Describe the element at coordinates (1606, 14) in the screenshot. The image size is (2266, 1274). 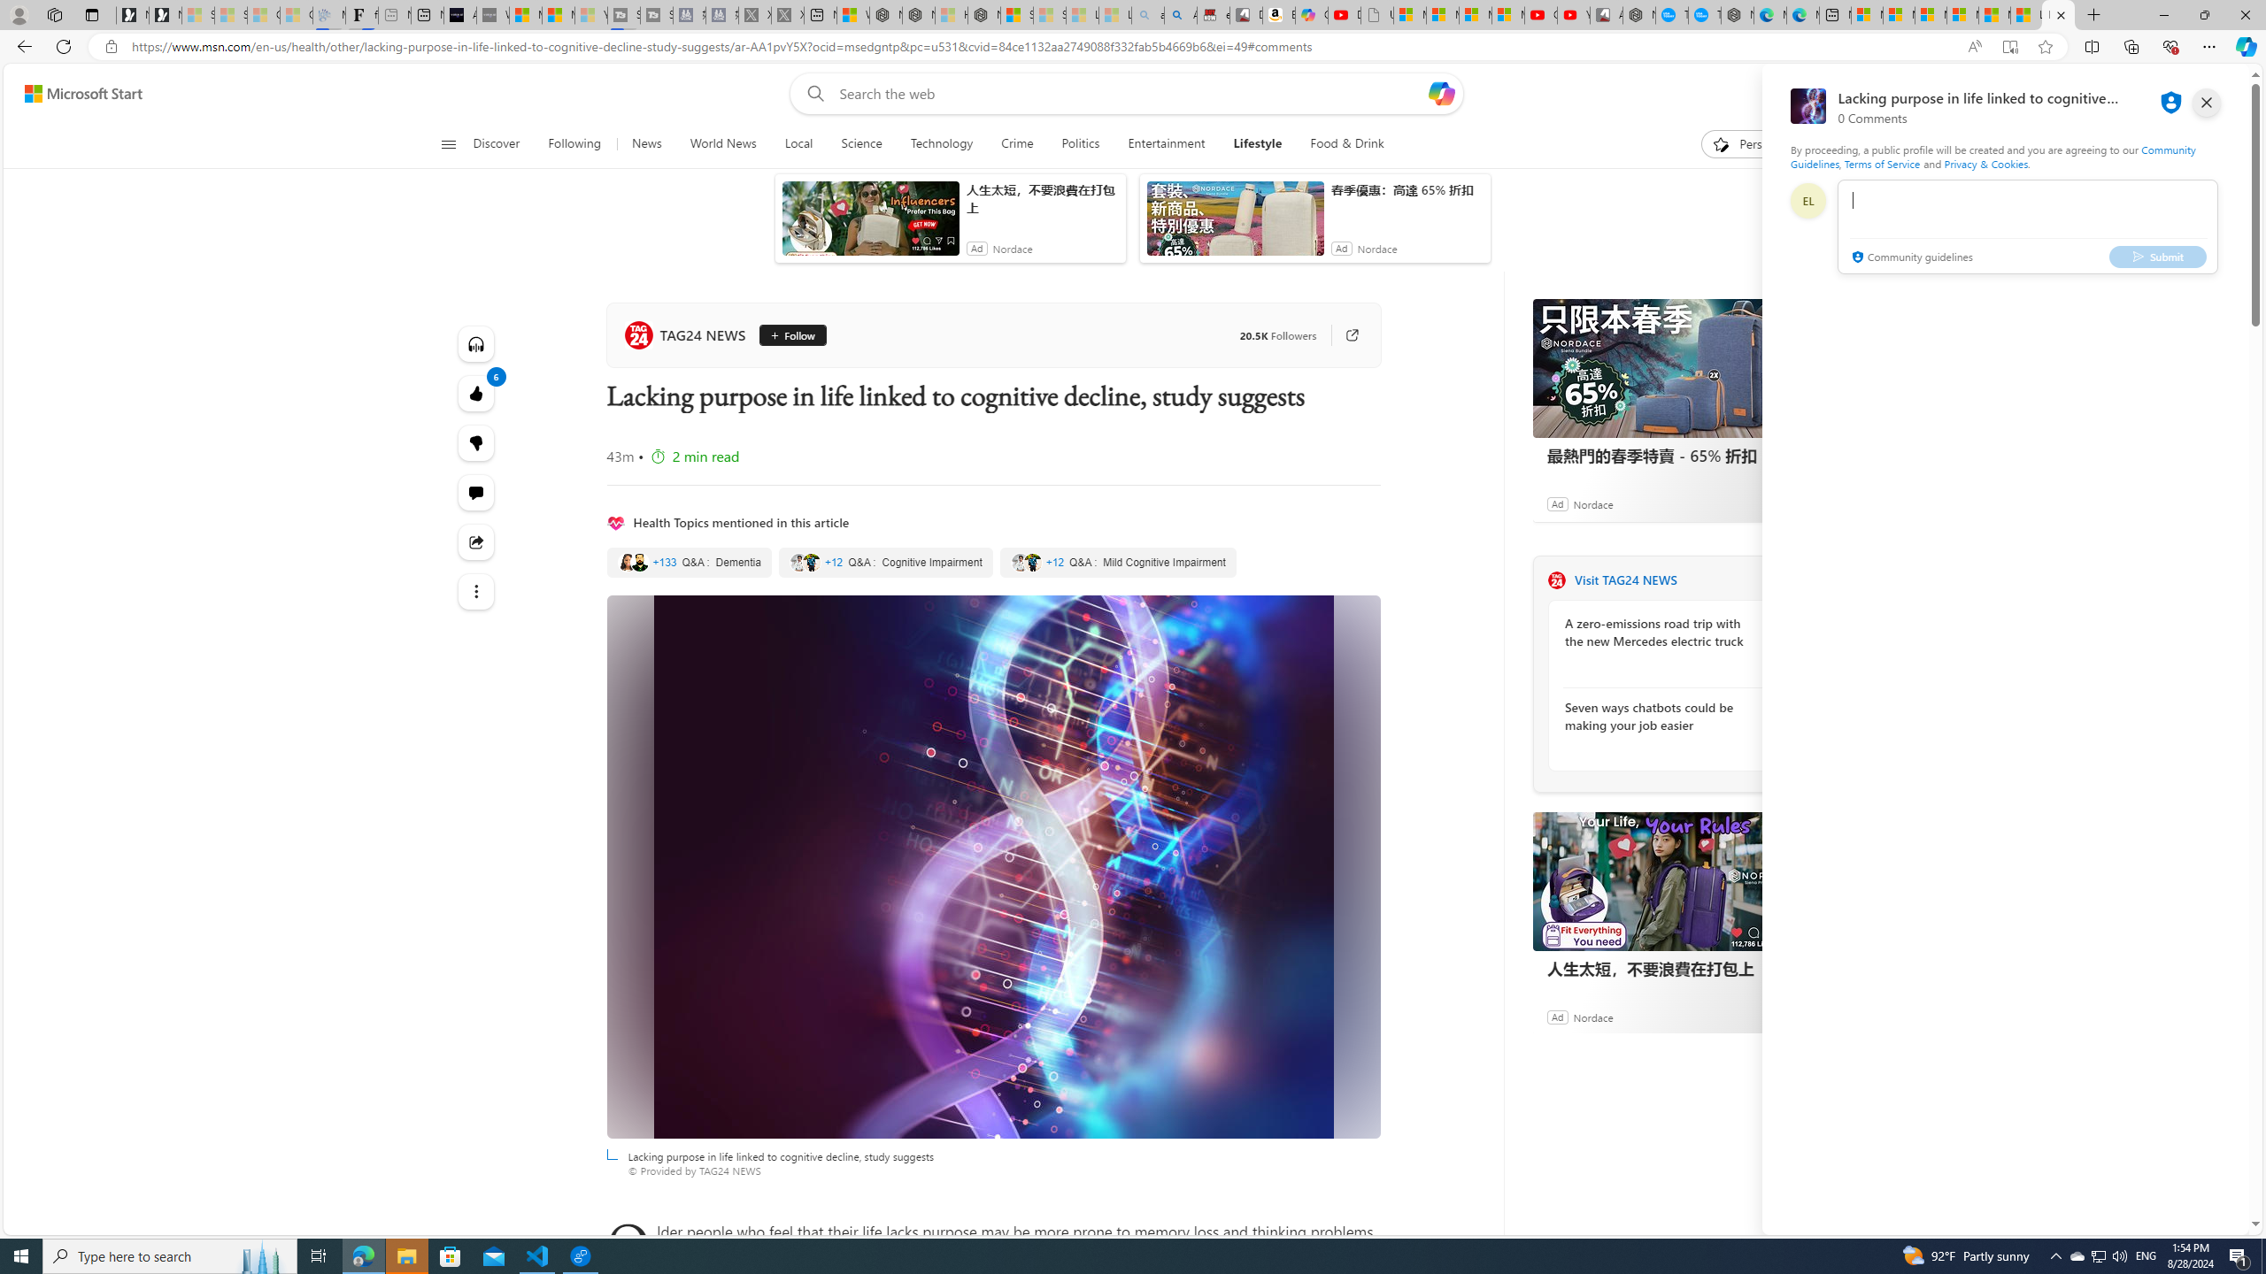
I see `'All Cubot phones'` at that location.